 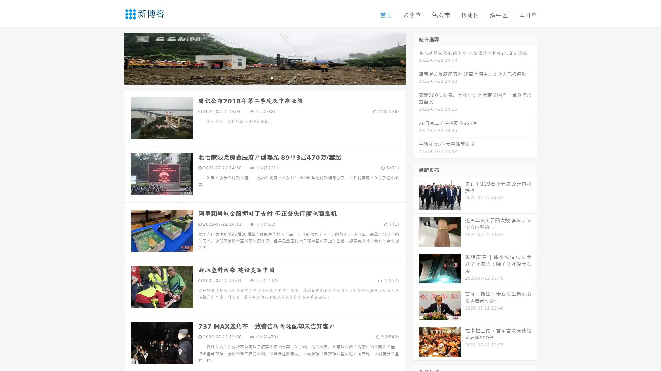 What do you see at coordinates (264, 77) in the screenshot?
I see `Go to slide 2` at bounding box center [264, 77].